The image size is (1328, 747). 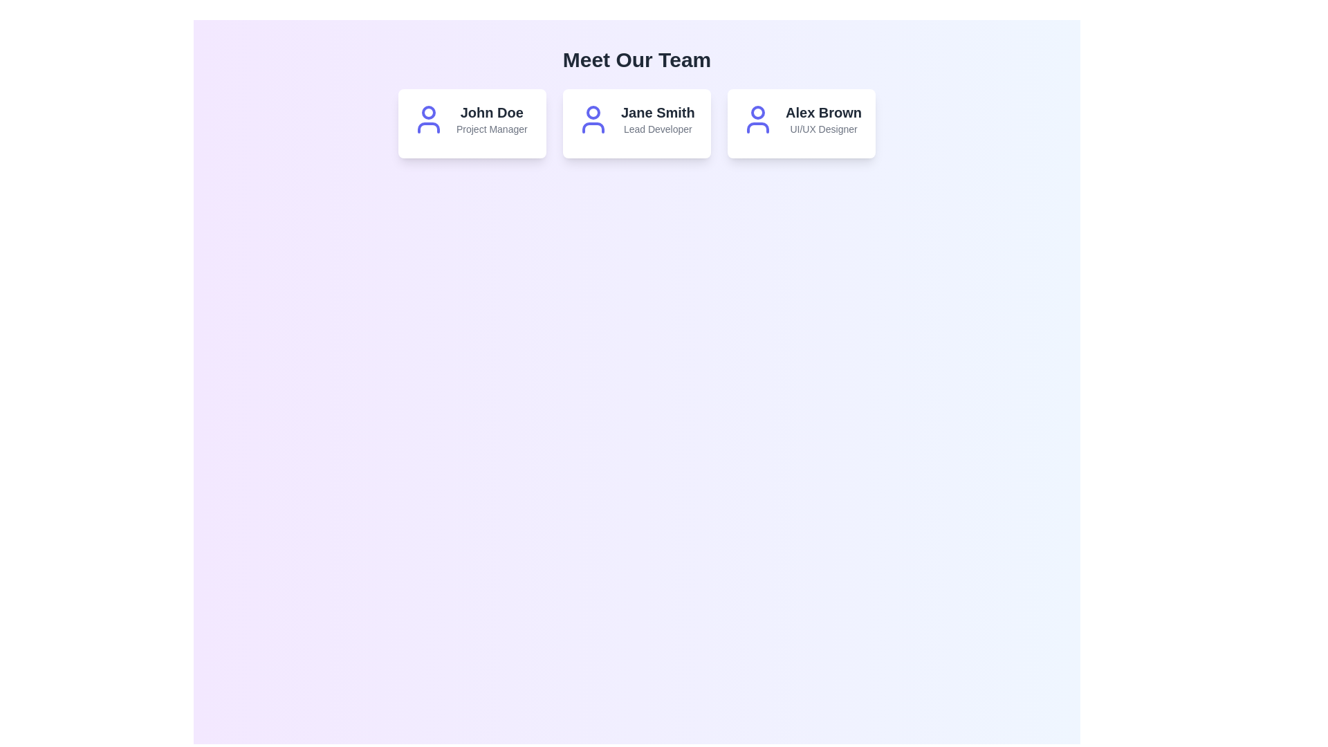 I want to click on the text label reading 'Lead Developer' which is styled in a smaller font size and light gray color, positioned just below the bold text 'Jane Smith', so click(x=657, y=129).